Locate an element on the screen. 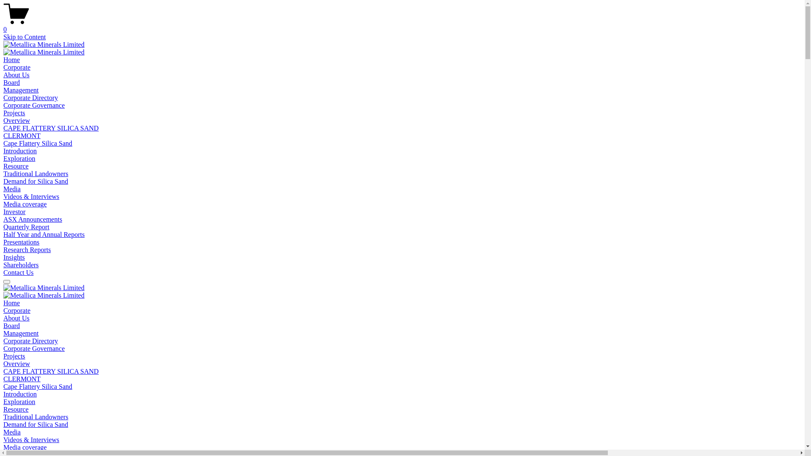  'Board' is located at coordinates (11, 325).